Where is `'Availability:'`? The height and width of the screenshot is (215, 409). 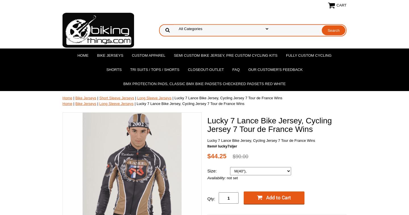 'Availability:' is located at coordinates (207, 178).